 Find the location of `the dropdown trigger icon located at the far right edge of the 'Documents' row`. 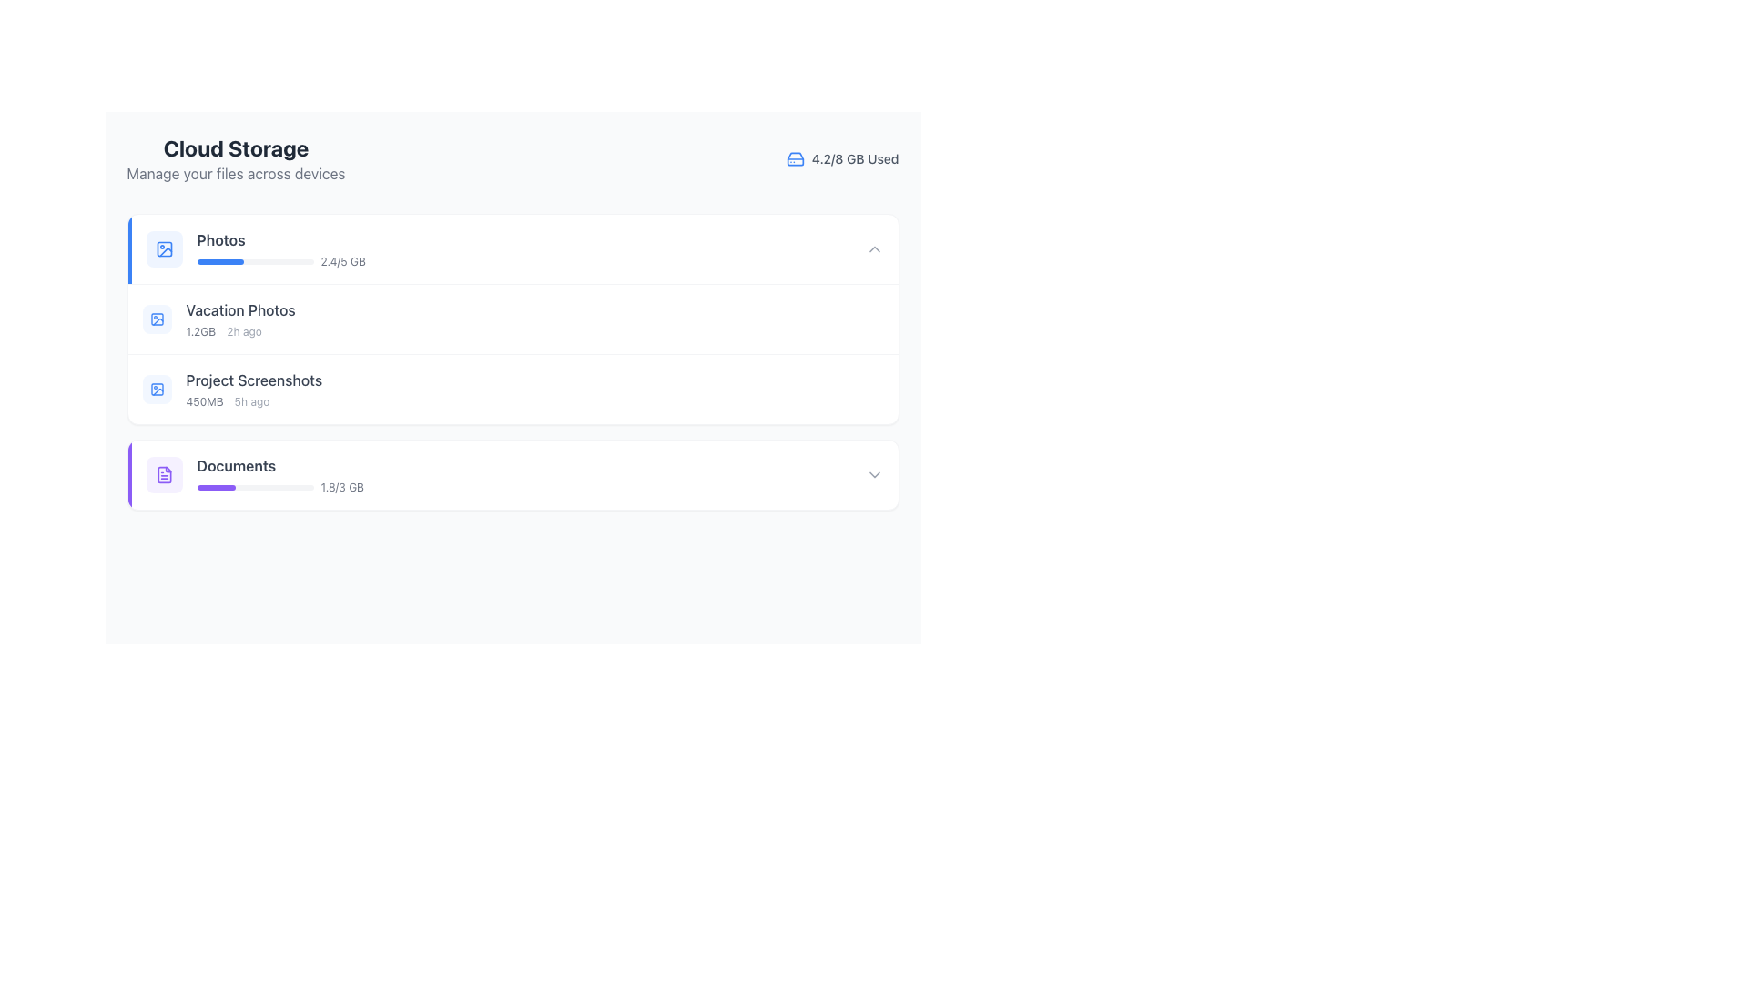

the dropdown trigger icon located at the far right edge of the 'Documents' row is located at coordinates (874, 473).